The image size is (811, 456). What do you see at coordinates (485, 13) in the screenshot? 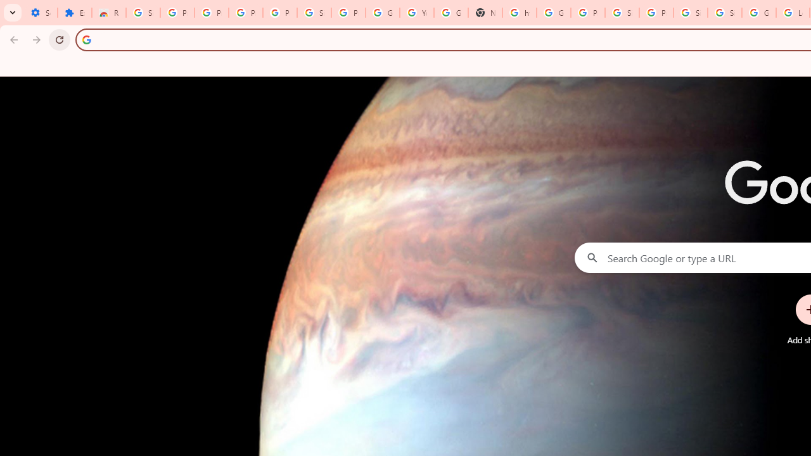
I see `'New Tab'` at bounding box center [485, 13].